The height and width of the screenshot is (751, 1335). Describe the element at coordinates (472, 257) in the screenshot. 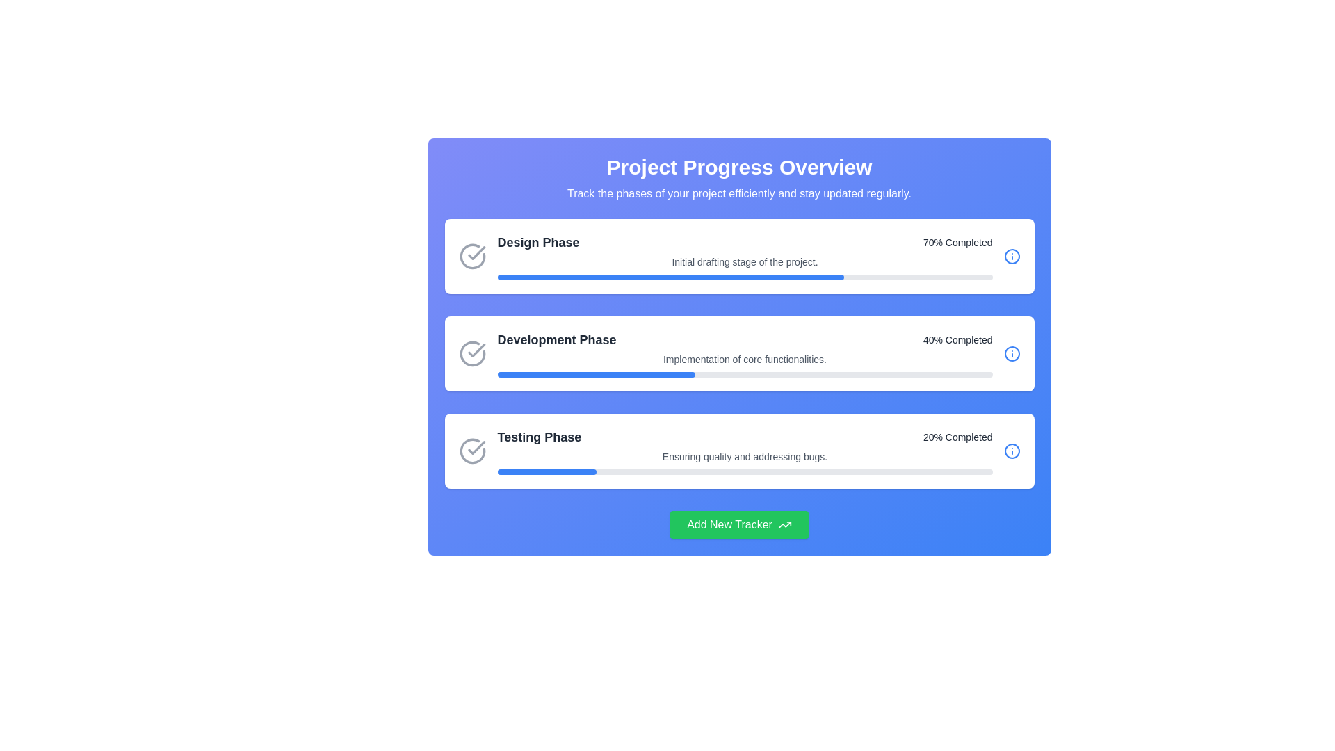

I see `the ticked circle icon segment that visually represents a completed phase indicator in the 'Design Phase' section` at that location.